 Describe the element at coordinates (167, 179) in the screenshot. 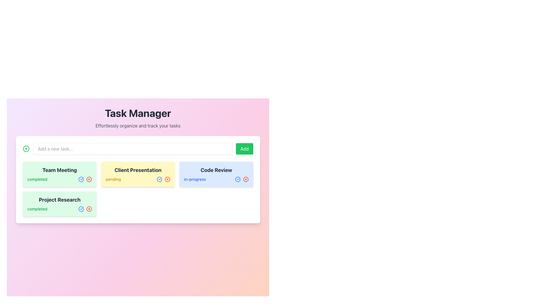

I see `the small circular icon with a red border and an 'X' shape inside, located adjacent to the text 'Client Presentation' in the yellow-colored task card` at that location.